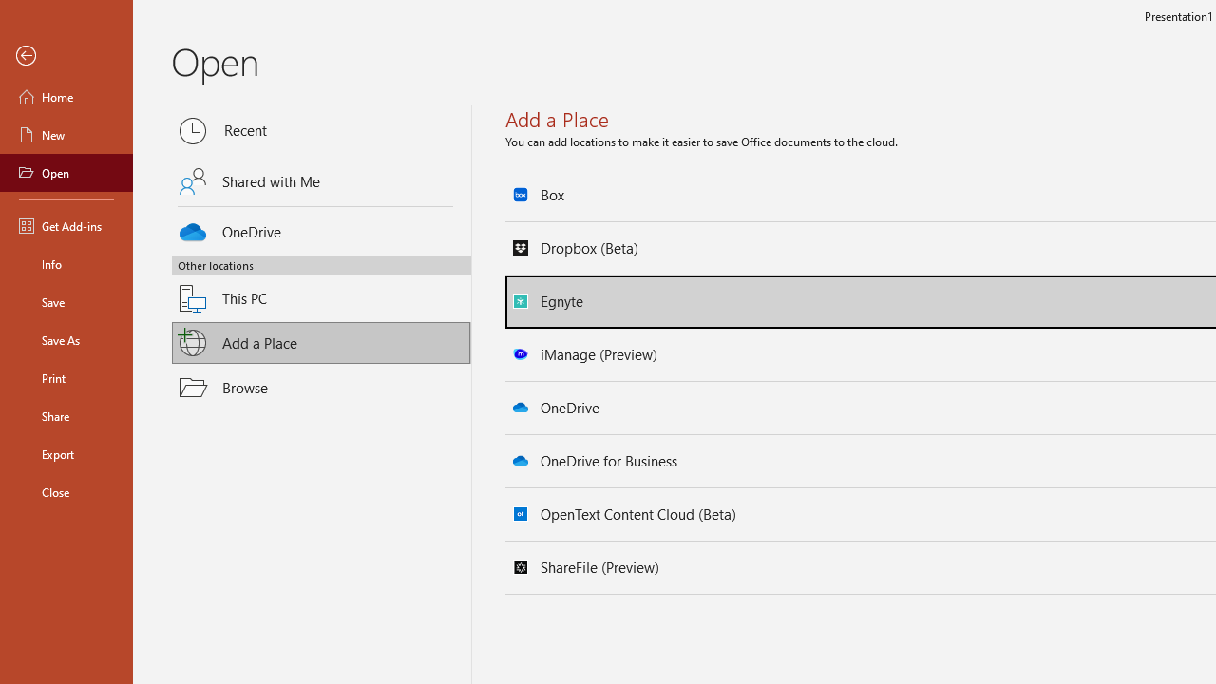 Image resolution: width=1216 pixels, height=684 pixels. What do you see at coordinates (321, 130) in the screenshot?
I see `'Recent'` at bounding box center [321, 130].